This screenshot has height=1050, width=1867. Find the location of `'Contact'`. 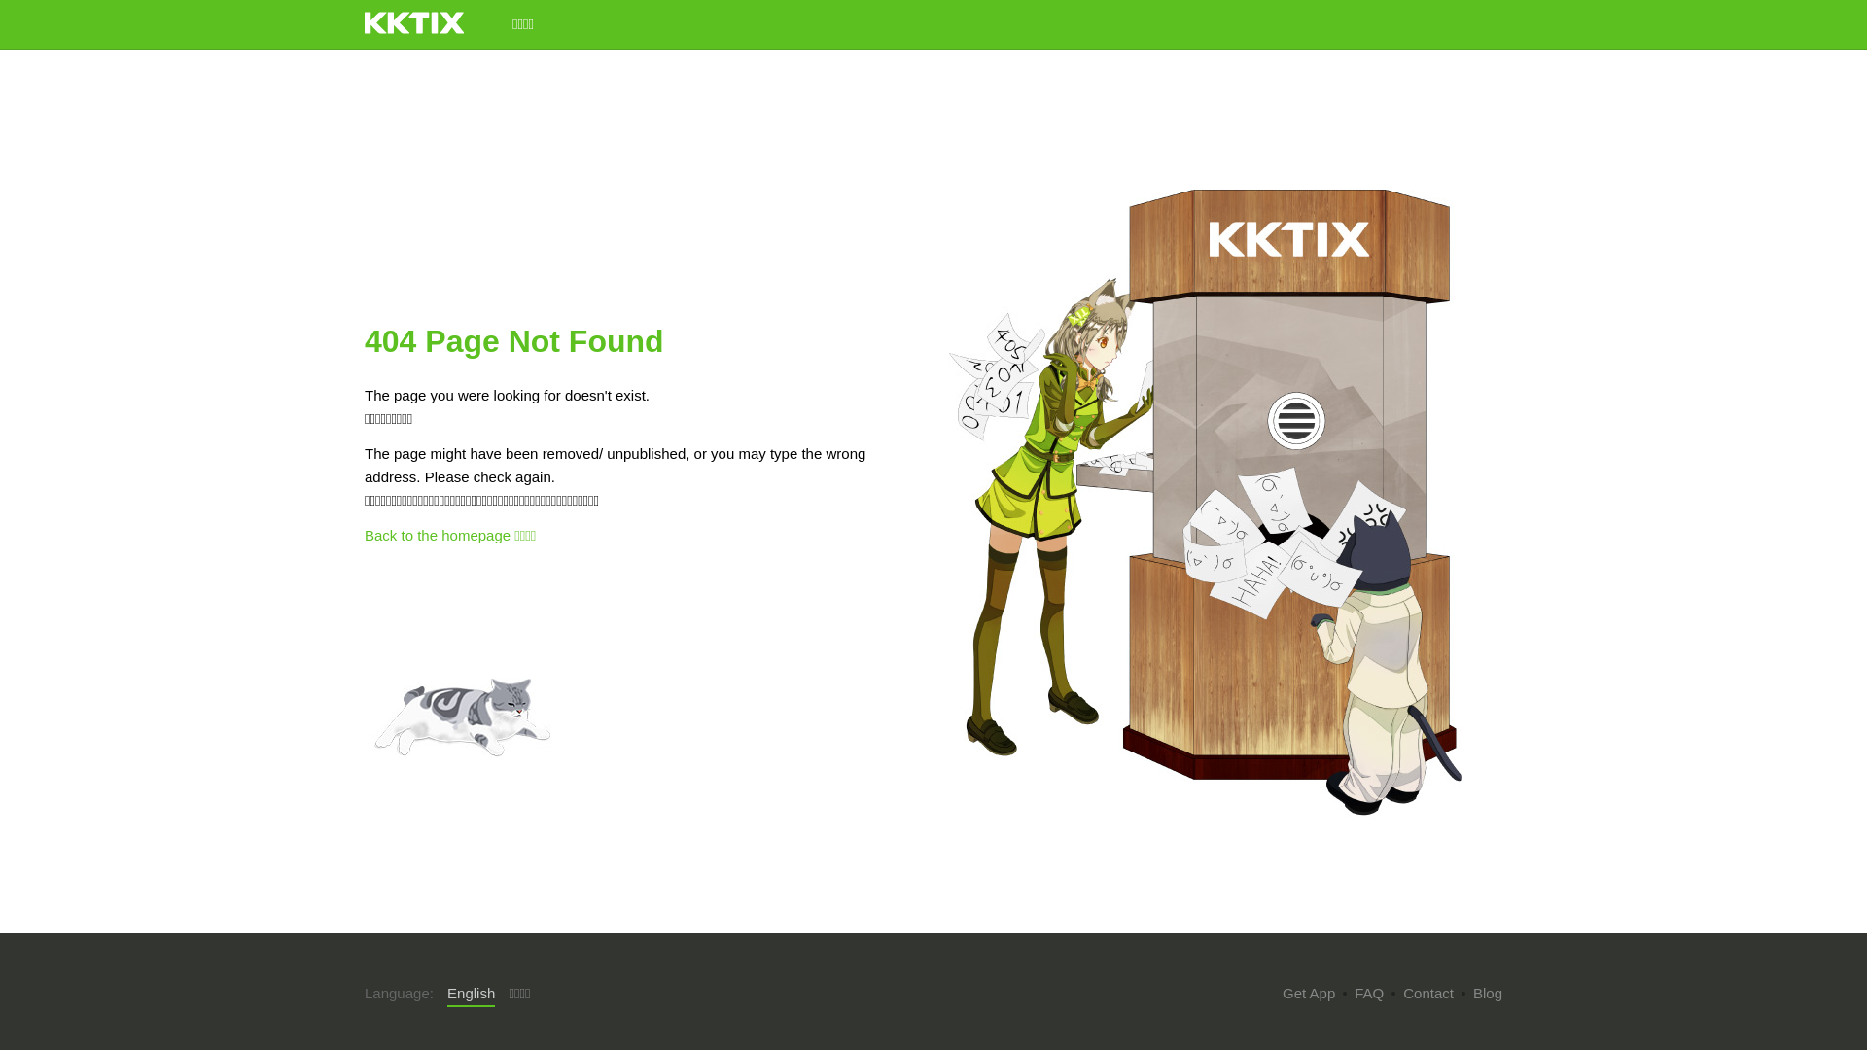

'Contact' is located at coordinates (1403, 993).